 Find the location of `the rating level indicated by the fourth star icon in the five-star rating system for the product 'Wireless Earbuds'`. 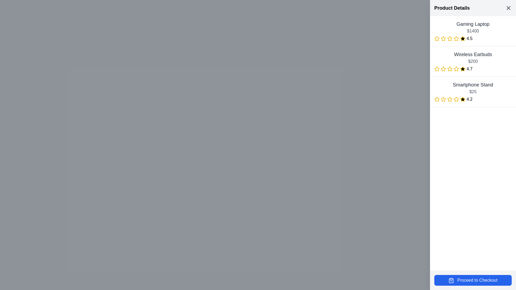

the rating level indicated by the fourth star icon in the five-star rating system for the product 'Wireless Earbuds' is located at coordinates (450, 69).